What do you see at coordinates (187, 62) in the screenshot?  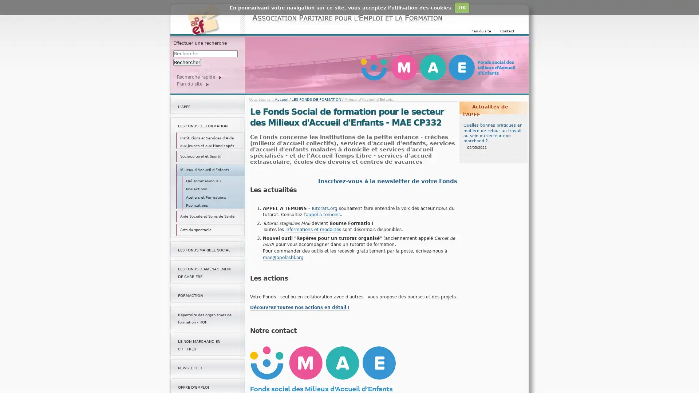 I see `Rechercher` at bounding box center [187, 62].